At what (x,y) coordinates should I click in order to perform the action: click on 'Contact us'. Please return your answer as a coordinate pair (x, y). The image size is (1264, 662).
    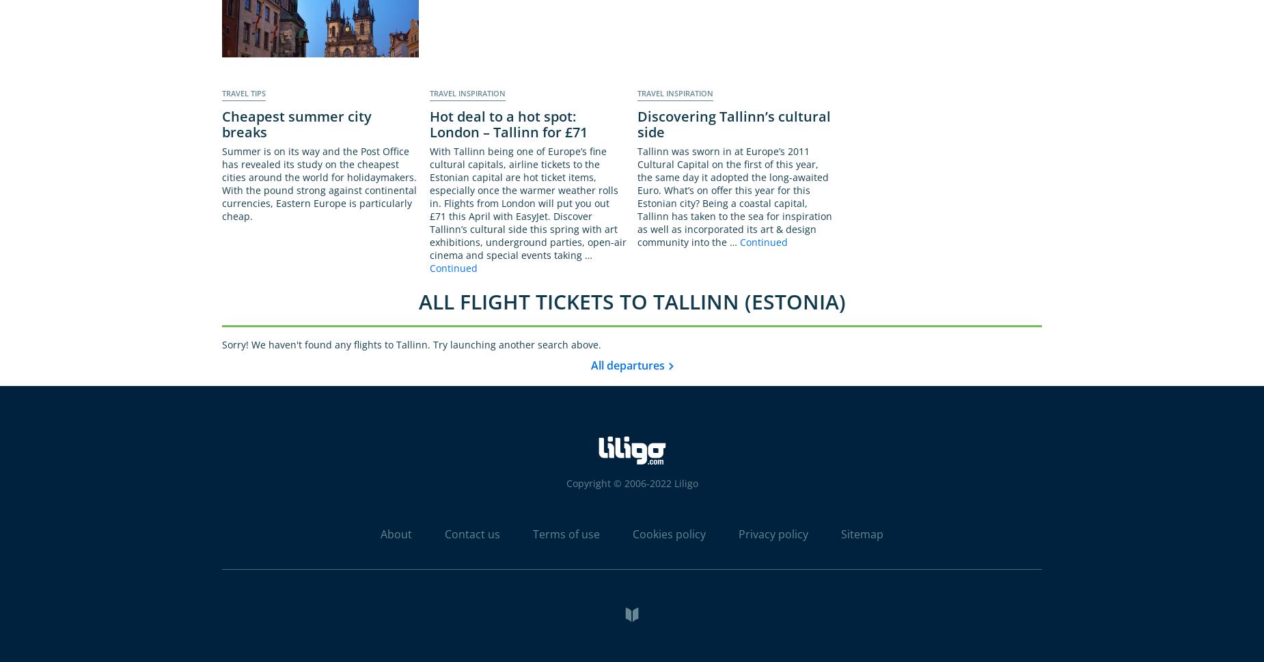
    Looking at the image, I should click on (472, 533).